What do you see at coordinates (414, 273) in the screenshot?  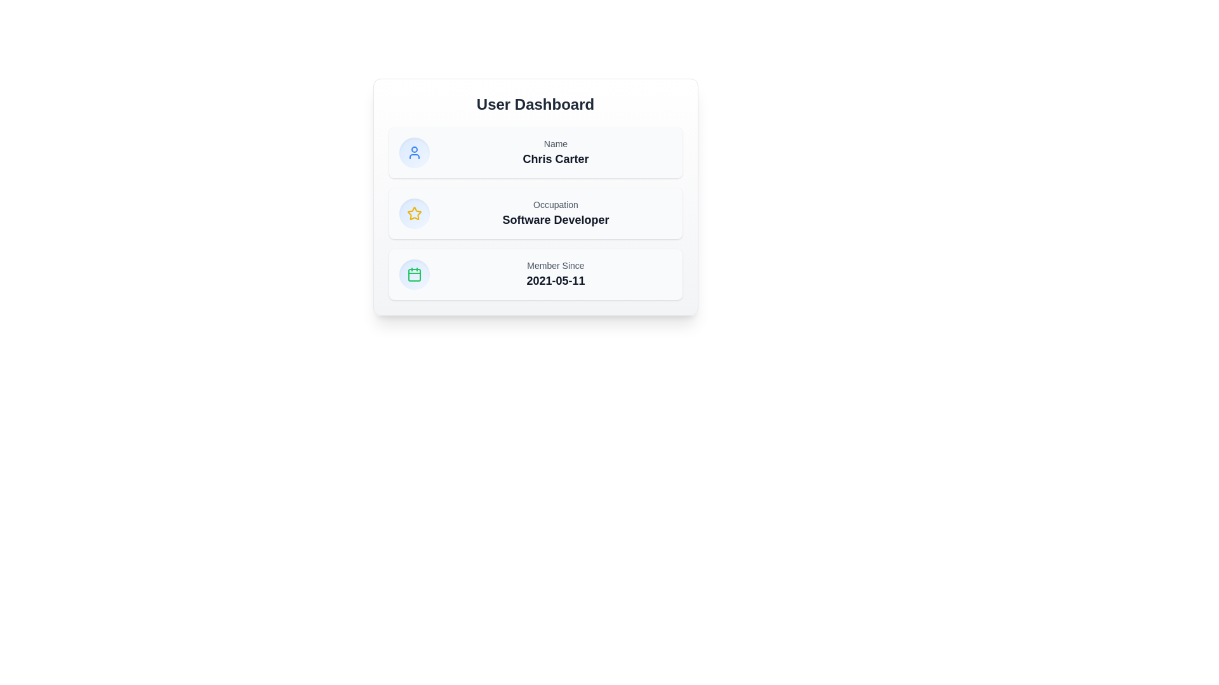 I see `the circular icon with a gradient blue background and a green outline of a calendar, located in the bottom-most section of the card labeled 'Member Since 2021-05-11'` at bounding box center [414, 273].